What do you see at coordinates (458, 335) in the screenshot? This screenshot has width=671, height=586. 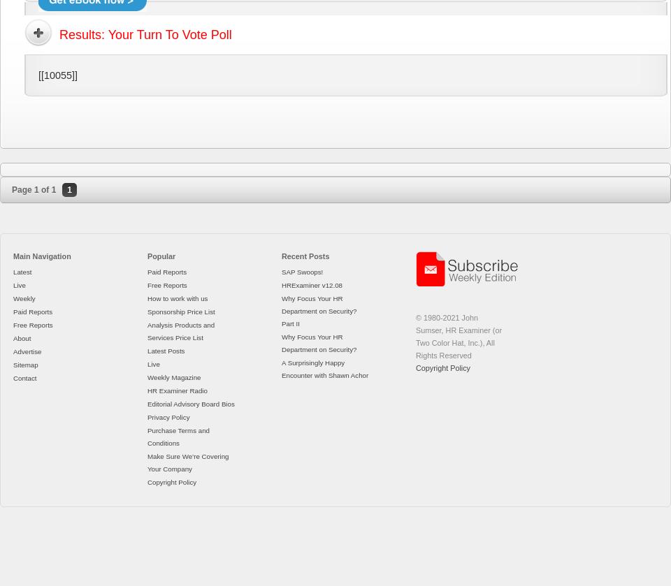 I see `'© 1980-2021 John Sumser, HR Examiner (or Two Color Hat, Inc.), All Rights Reserved'` at bounding box center [458, 335].